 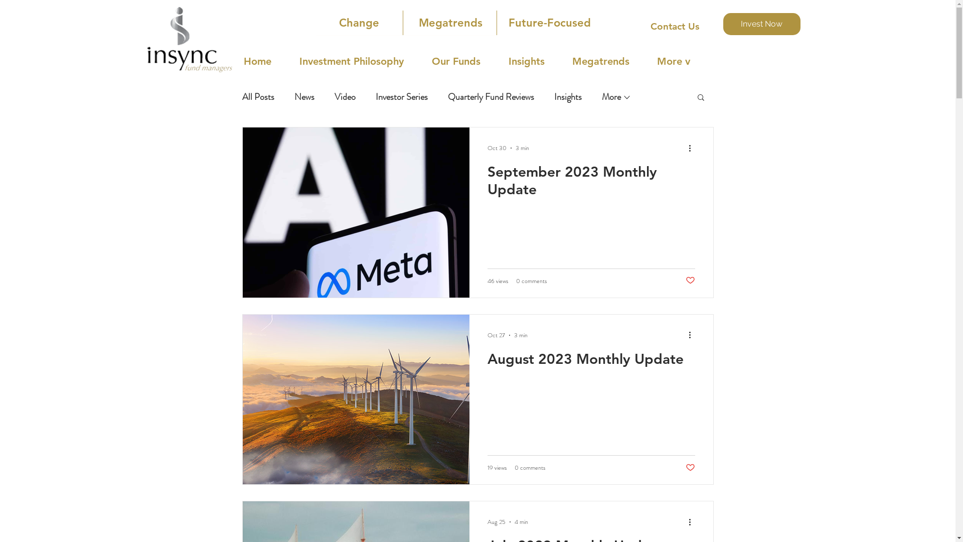 I want to click on 'Post not marked as liked', so click(x=689, y=468).